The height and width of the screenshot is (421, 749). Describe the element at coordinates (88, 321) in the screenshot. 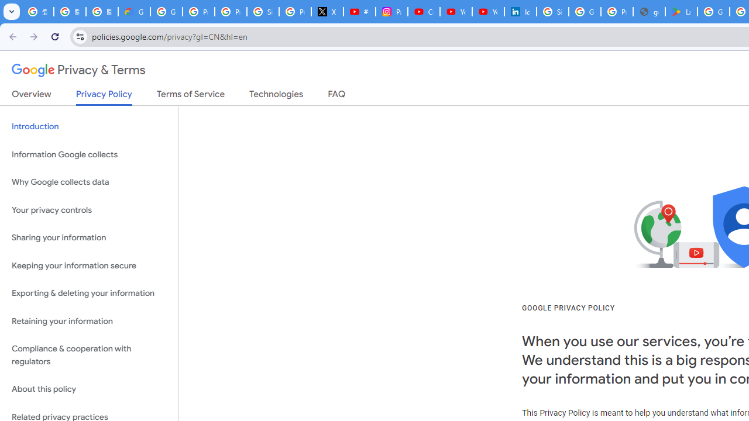

I see `'Retaining your information'` at that location.